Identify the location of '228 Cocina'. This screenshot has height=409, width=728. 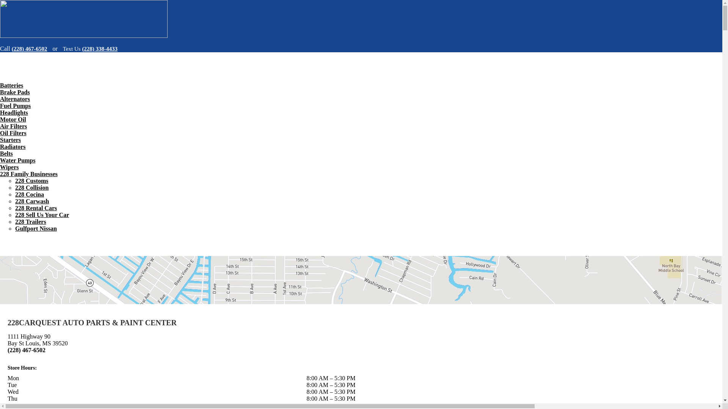
(29, 194).